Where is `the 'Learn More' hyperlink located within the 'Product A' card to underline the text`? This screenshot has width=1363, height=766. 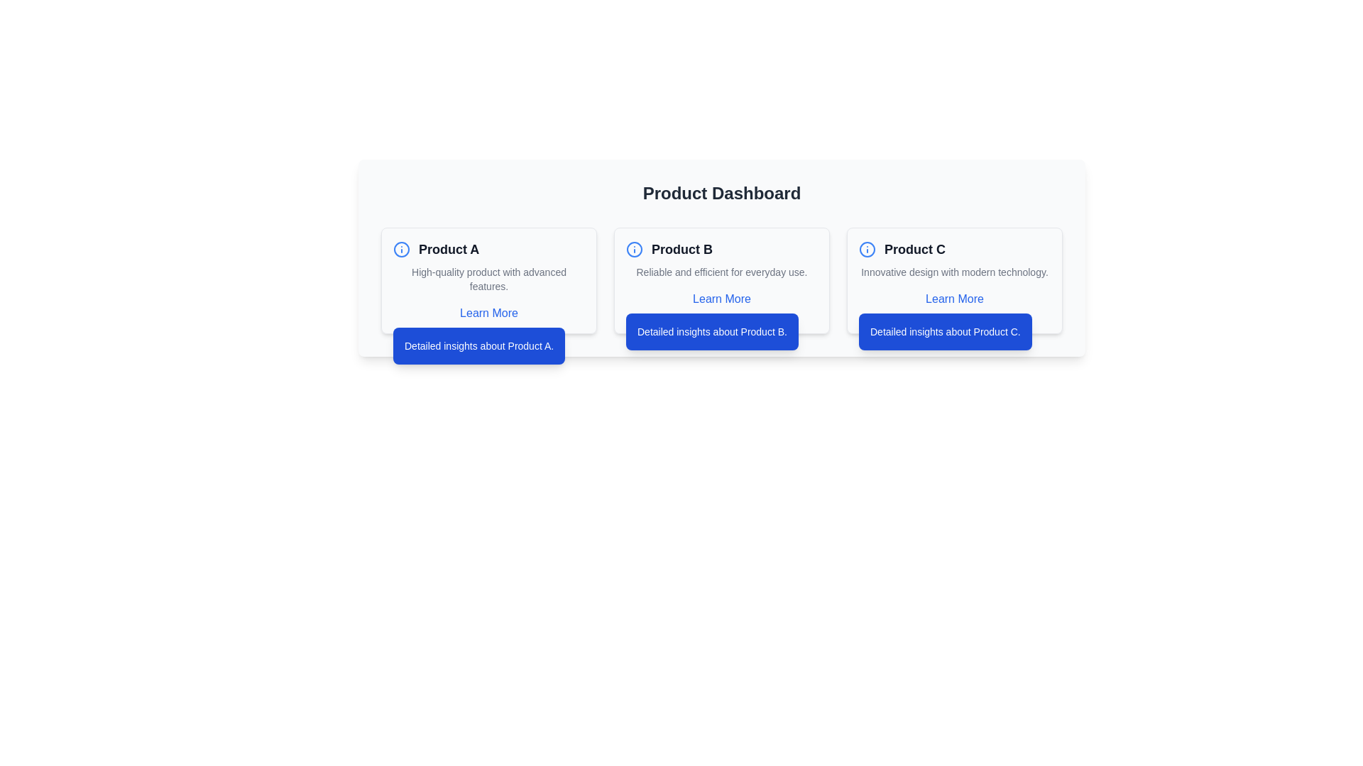
the 'Learn More' hyperlink located within the 'Product A' card to underline the text is located at coordinates (489, 313).